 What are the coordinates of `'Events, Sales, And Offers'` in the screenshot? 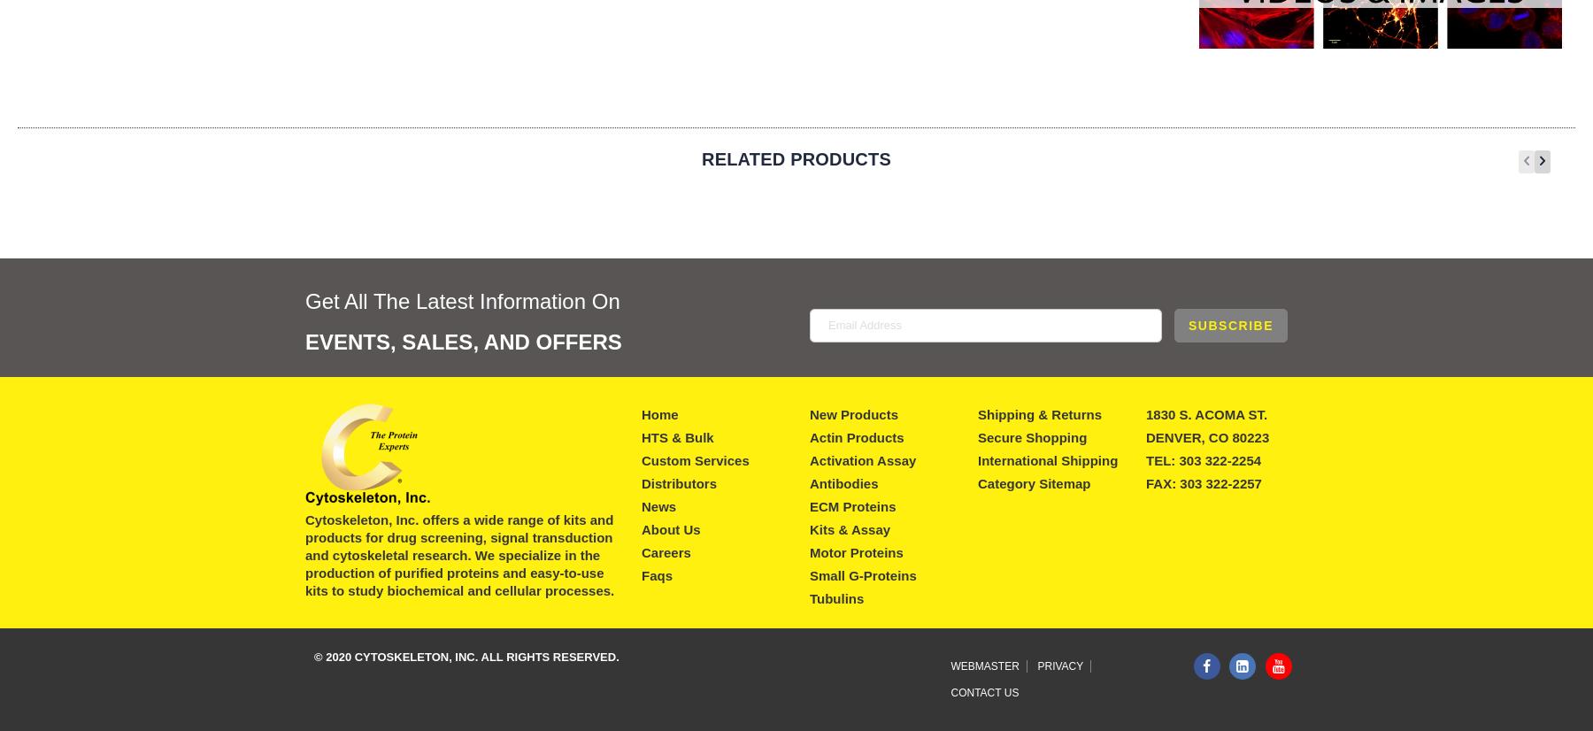 It's located at (462, 341).